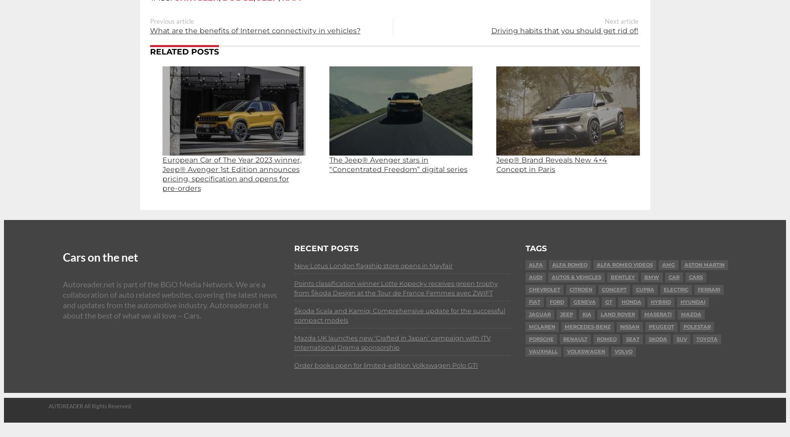 The width and height of the screenshot is (790, 437). I want to click on 'New Lotus London flagship store opens in Mayfair', so click(372, 266).